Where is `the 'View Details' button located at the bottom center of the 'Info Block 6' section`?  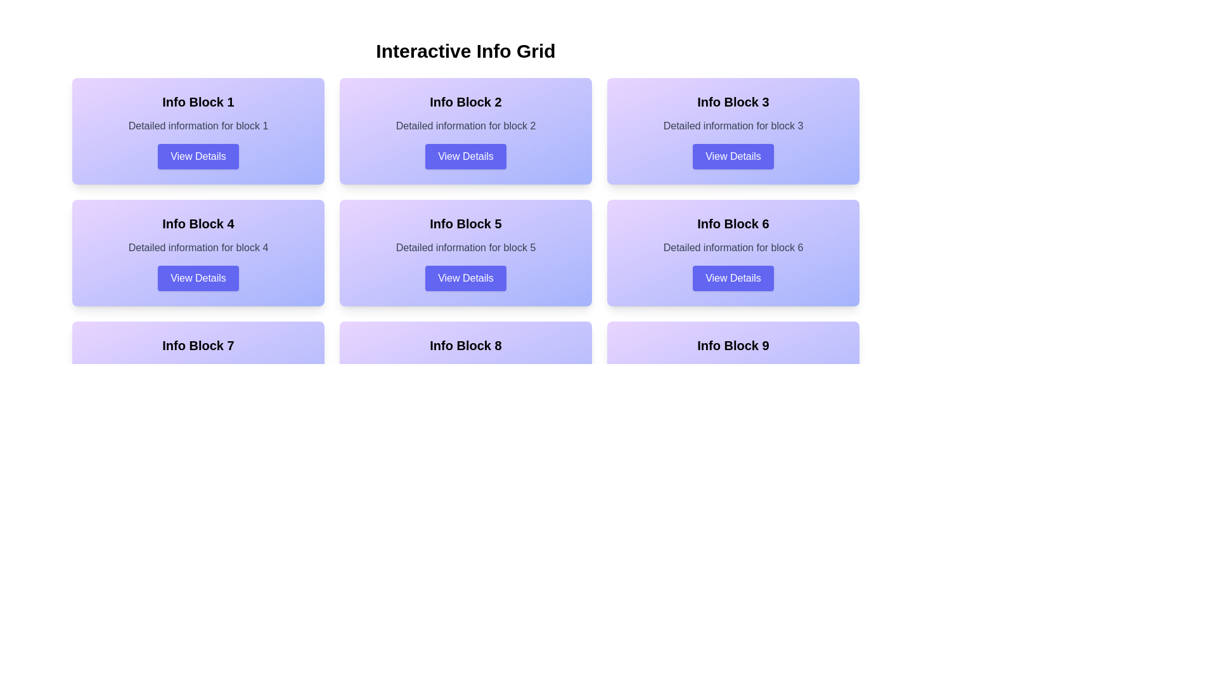
the 'View Details' button located at the bottom center of the 'Info Block 6' section is located at coordinates (733, 278).